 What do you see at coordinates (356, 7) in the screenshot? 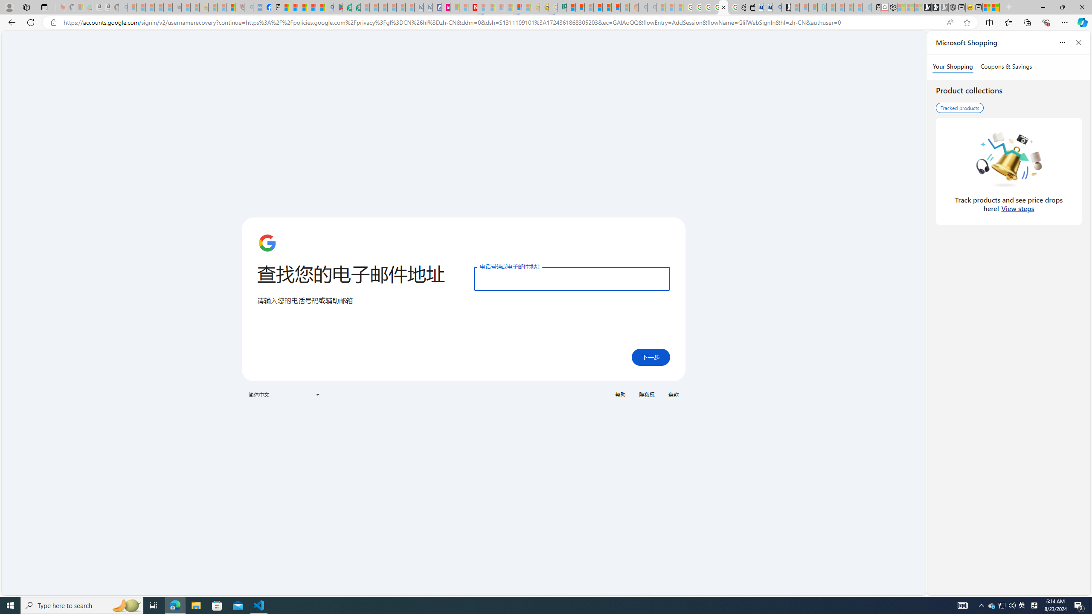
I see `'Microsoft Word - consumer-privacy address update 2.2021'` at bounding box center [356, 7].